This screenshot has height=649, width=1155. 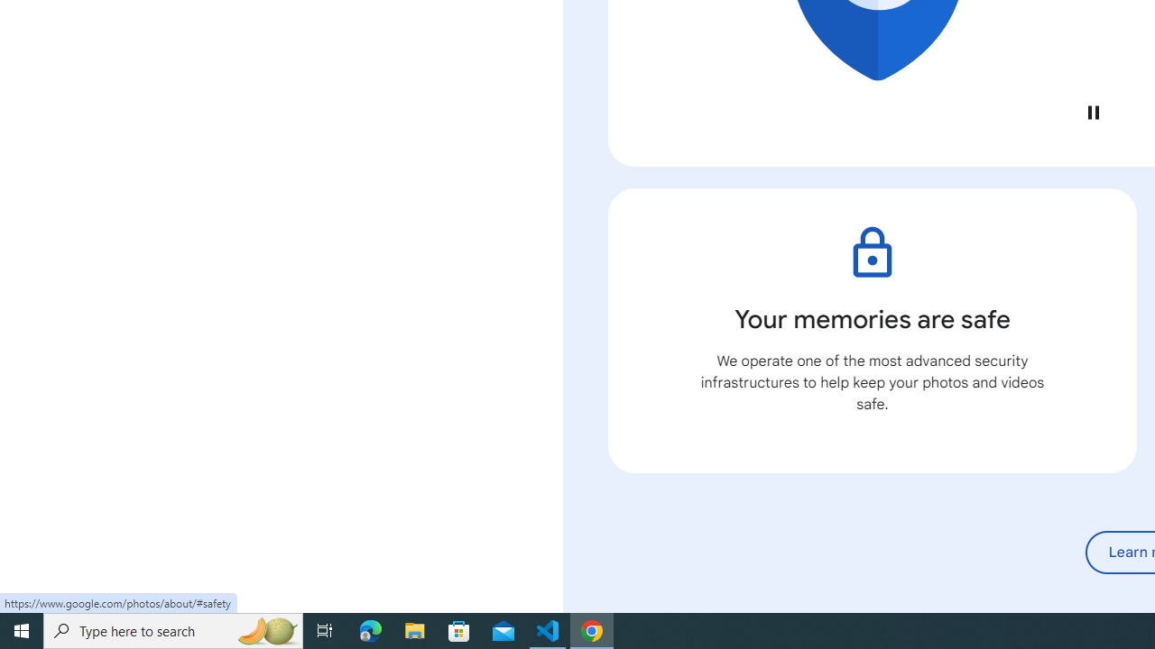 I want to click on 'Padlock icon indicating security. ', so click(x=872, y=252).